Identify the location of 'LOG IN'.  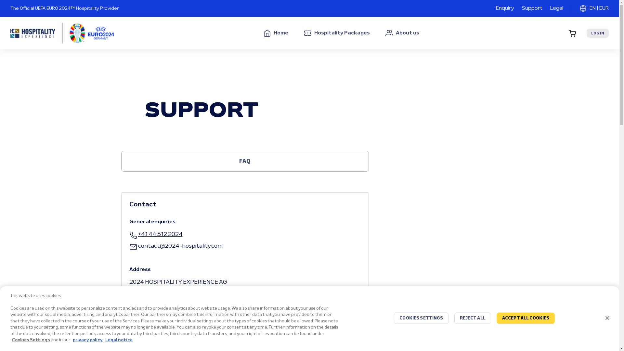
(597, 33).